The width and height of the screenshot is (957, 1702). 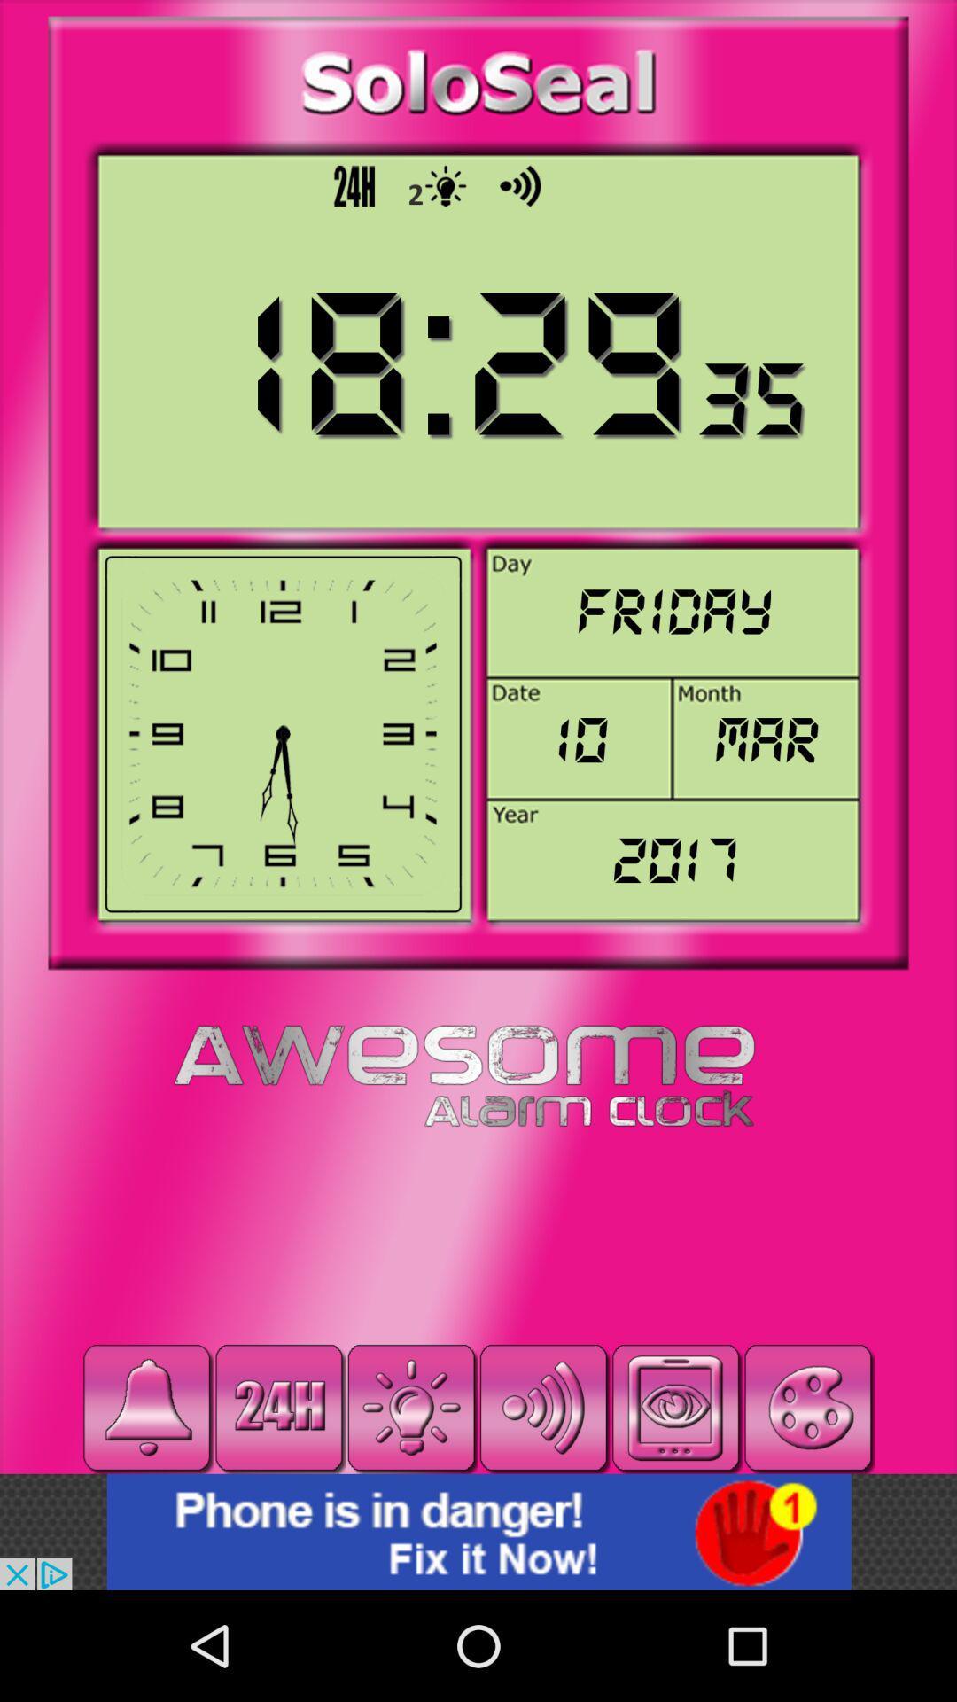 I want to click on music, so click(x=146, y=1407).